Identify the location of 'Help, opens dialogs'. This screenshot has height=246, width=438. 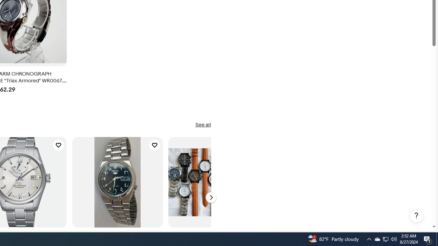
(416, 216).